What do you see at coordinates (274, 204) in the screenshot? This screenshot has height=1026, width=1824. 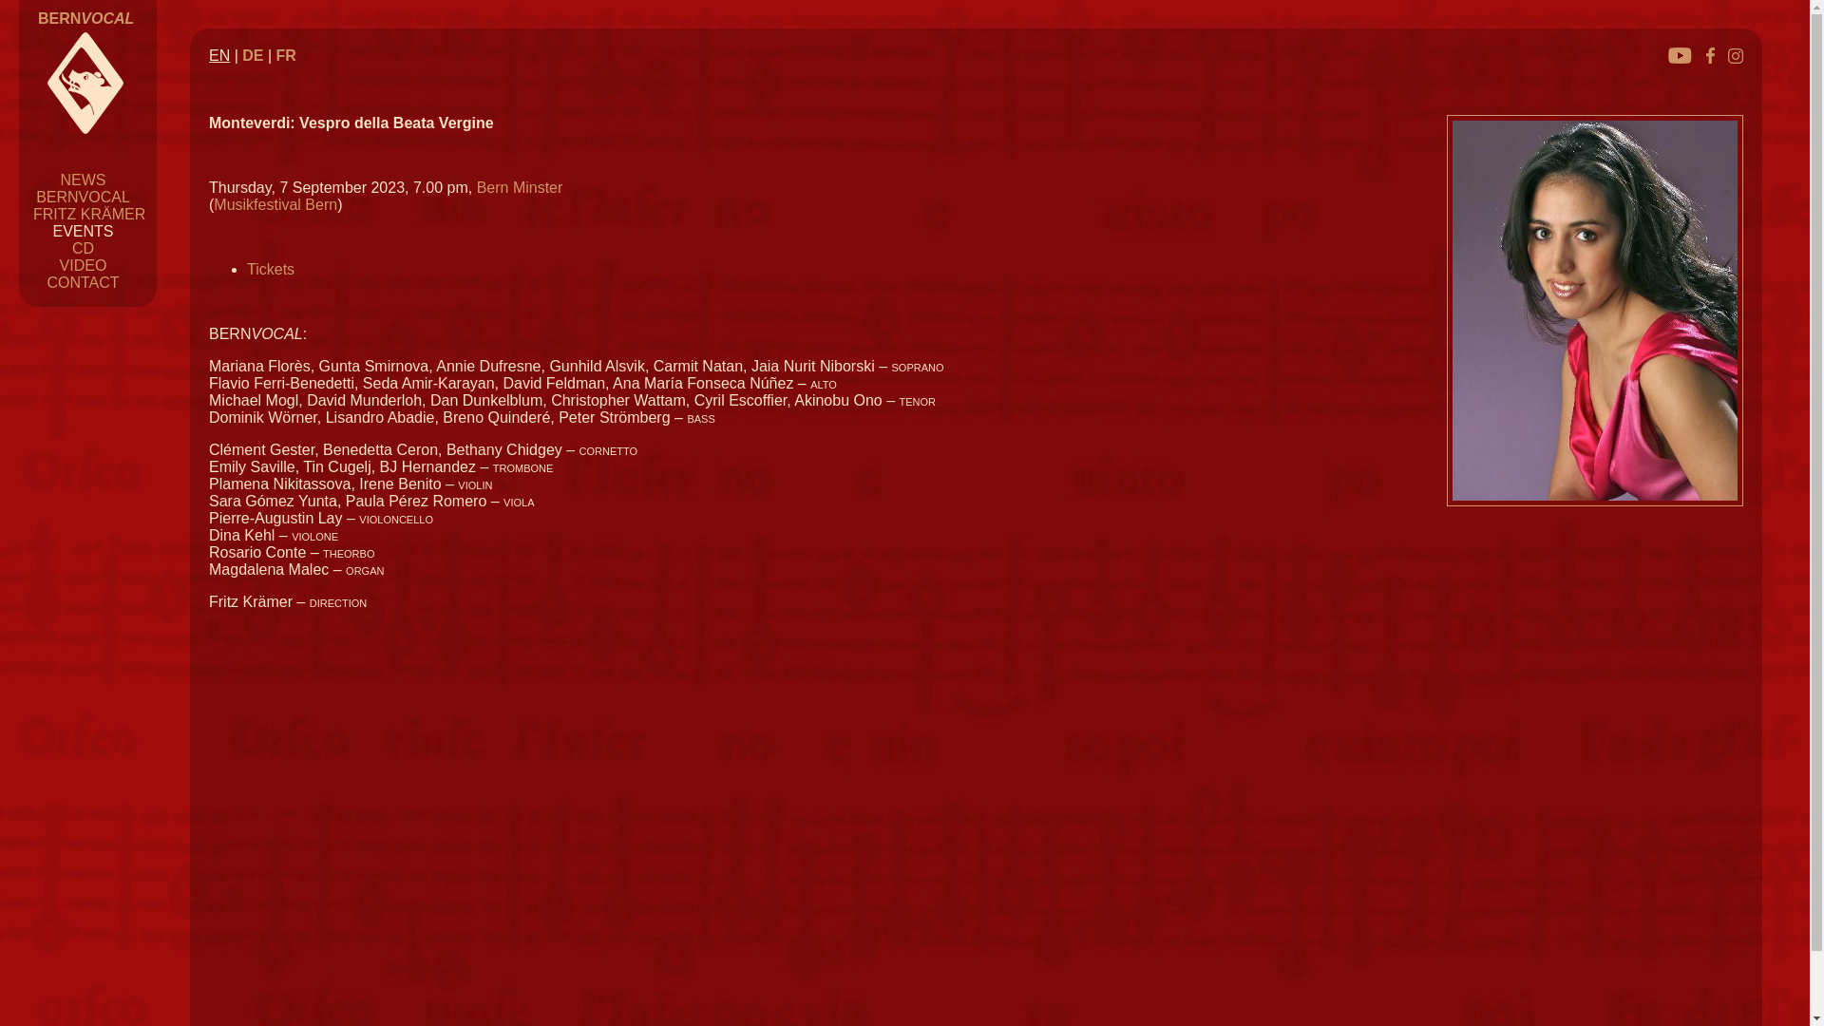 I see `'Musikfestival Bern'` at bounding box center [274, 204].